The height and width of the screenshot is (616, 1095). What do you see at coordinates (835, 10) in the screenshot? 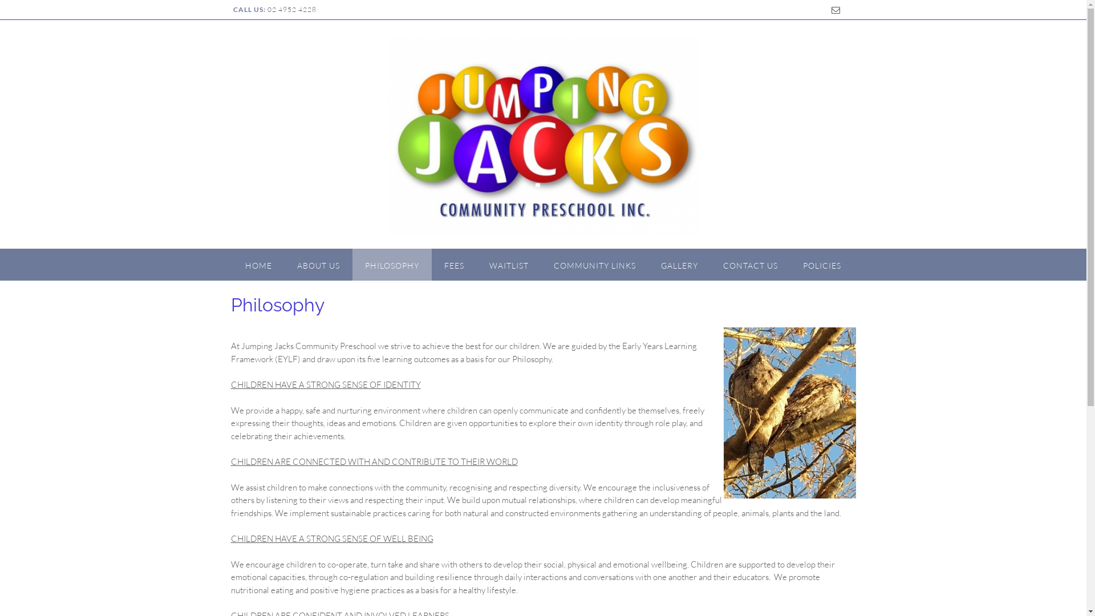
I see `'Send us an email'` at bounding box center [835, 10].